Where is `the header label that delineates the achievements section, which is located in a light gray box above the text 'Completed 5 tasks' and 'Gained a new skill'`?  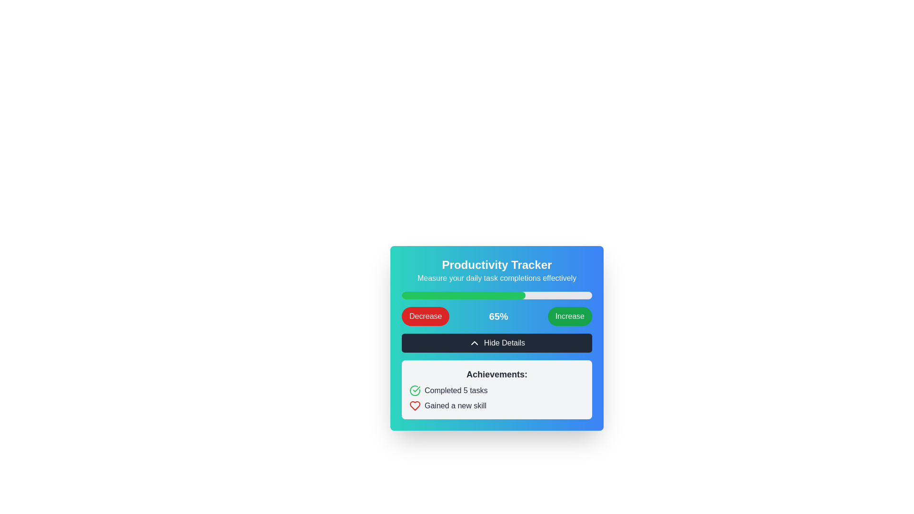 the header label that delineates the achievements section, which is located in a light gray box above the text 'Completed 5 tasks' and 'Gained a new skill' is located at coordinates (496, 374).